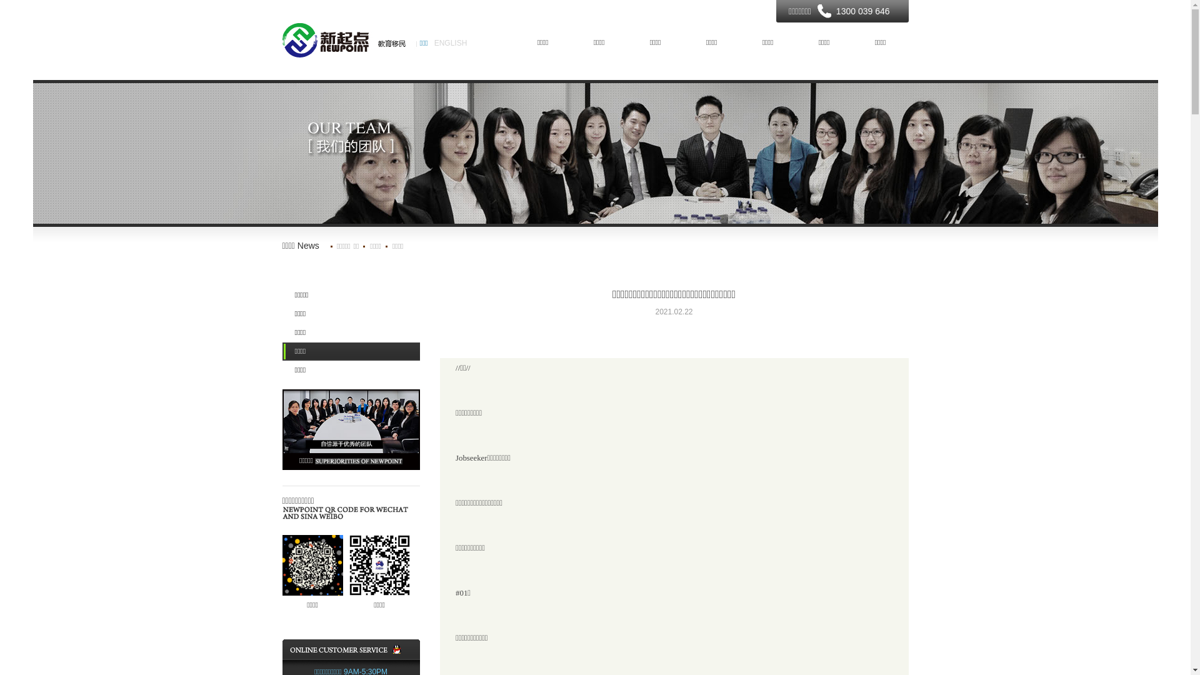 The height and width of the screenshot is (675, 1200). What do you see at coordinates (450, 42) in the screenshot?
I see `'ENGLISH'` at bounding box center [450, 42].